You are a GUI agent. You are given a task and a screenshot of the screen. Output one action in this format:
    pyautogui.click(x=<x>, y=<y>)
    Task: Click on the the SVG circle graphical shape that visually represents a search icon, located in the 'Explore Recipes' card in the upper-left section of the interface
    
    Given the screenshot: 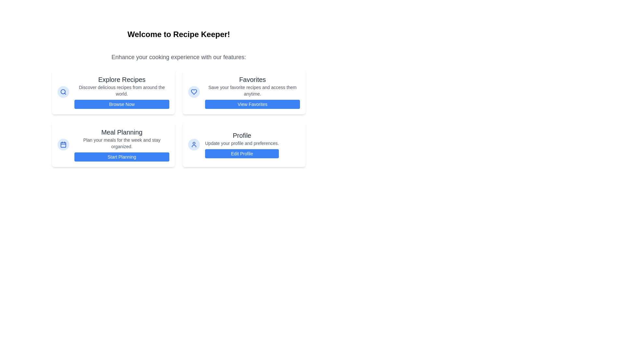 What is the action you would take?
    pyautogui.click(x=63, y=92)
    